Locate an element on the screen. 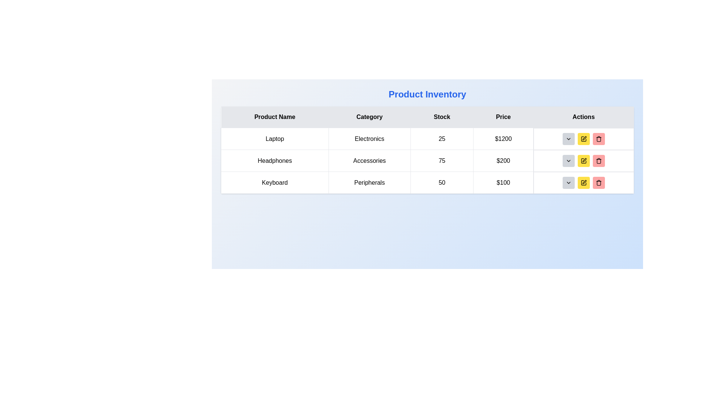  the 'Actions' header text label, which is the fifth header in the table and positioned at the rightmost part of the header row is located at coordinates (583, 117).